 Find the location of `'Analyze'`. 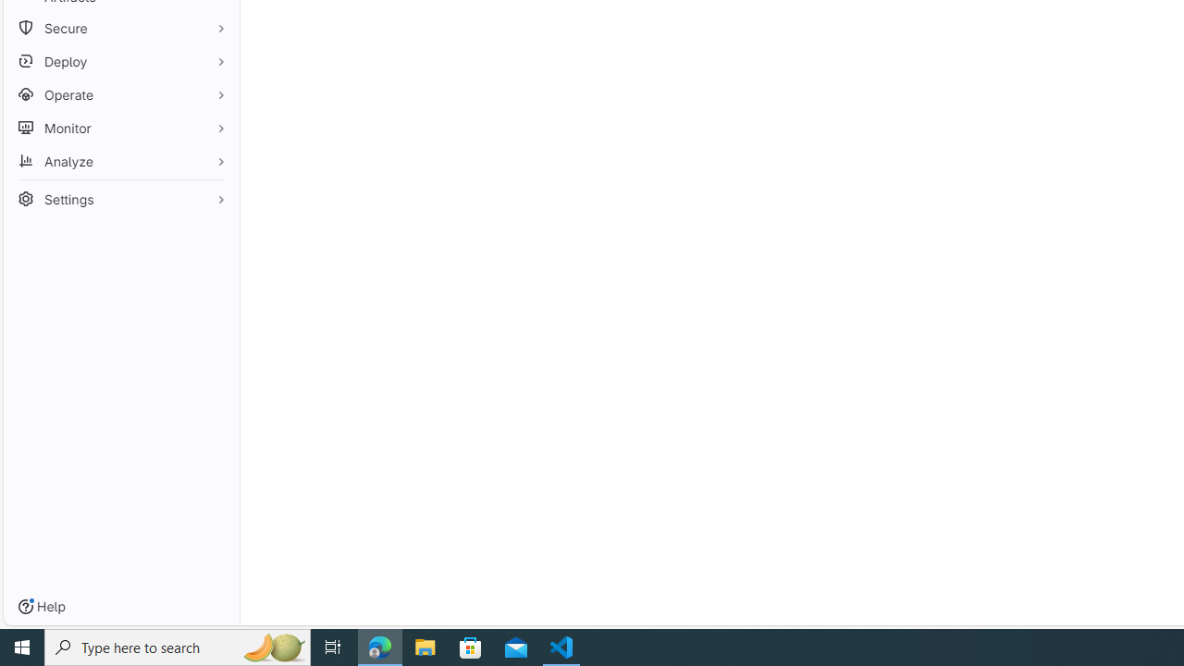

'Analyze' is located at coordinates (120, 160).